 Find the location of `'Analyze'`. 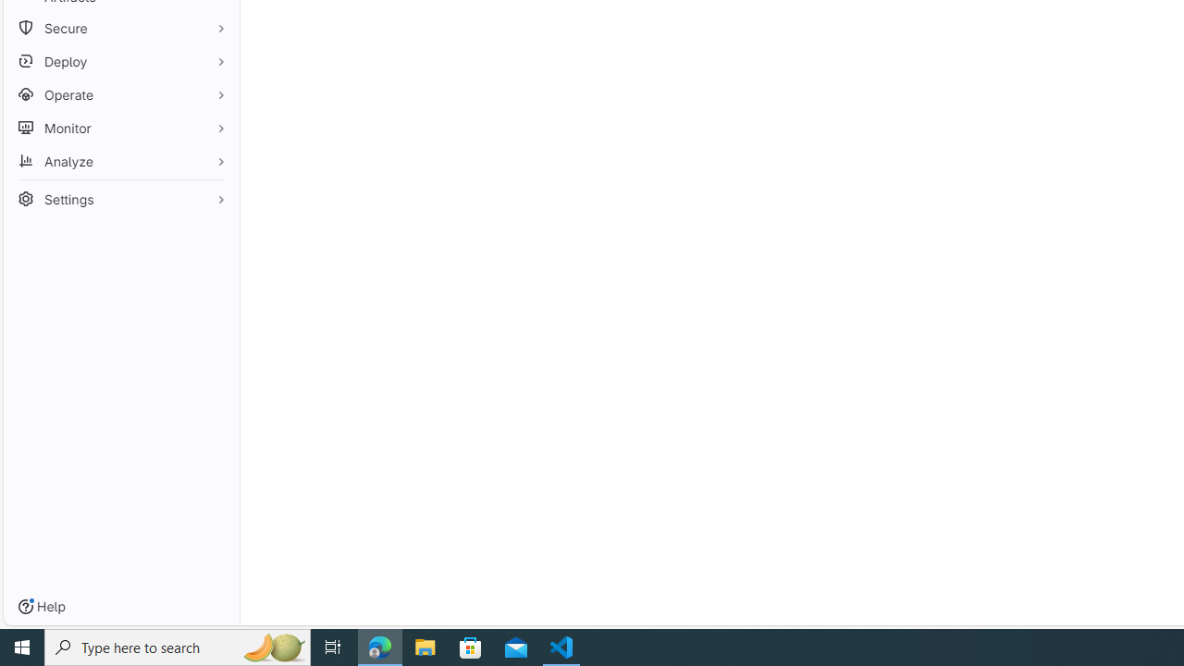

'Analyze' is located at coordinates (120, 160).